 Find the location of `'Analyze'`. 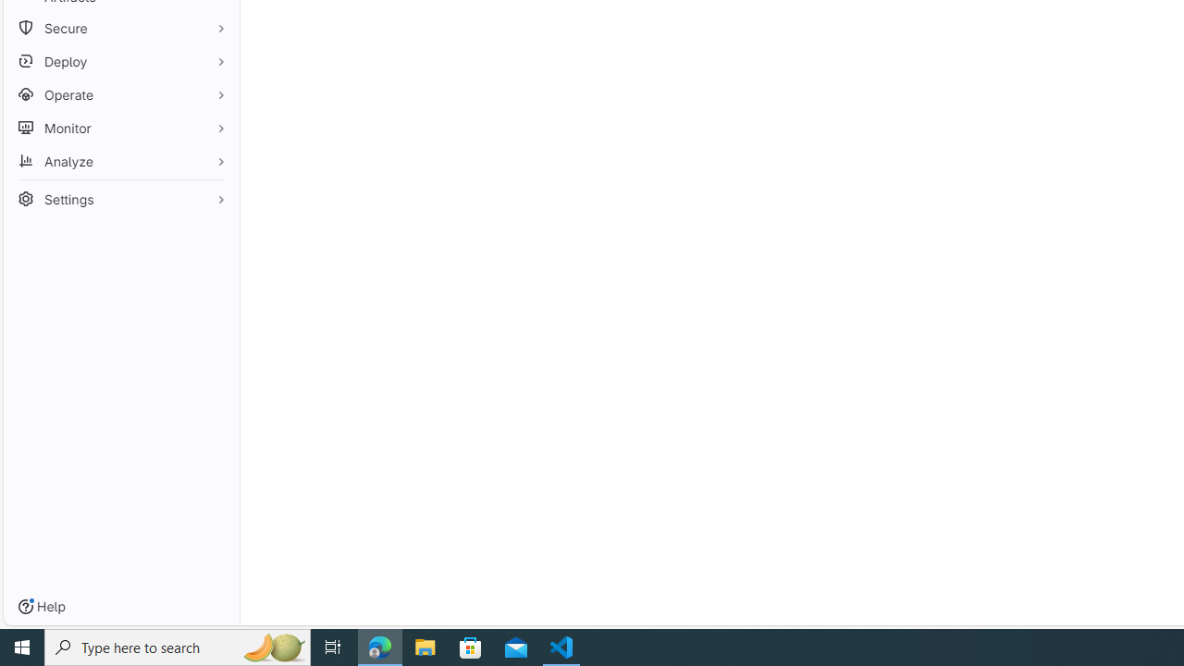

'Analyze' is located at coordinates (120, 160).